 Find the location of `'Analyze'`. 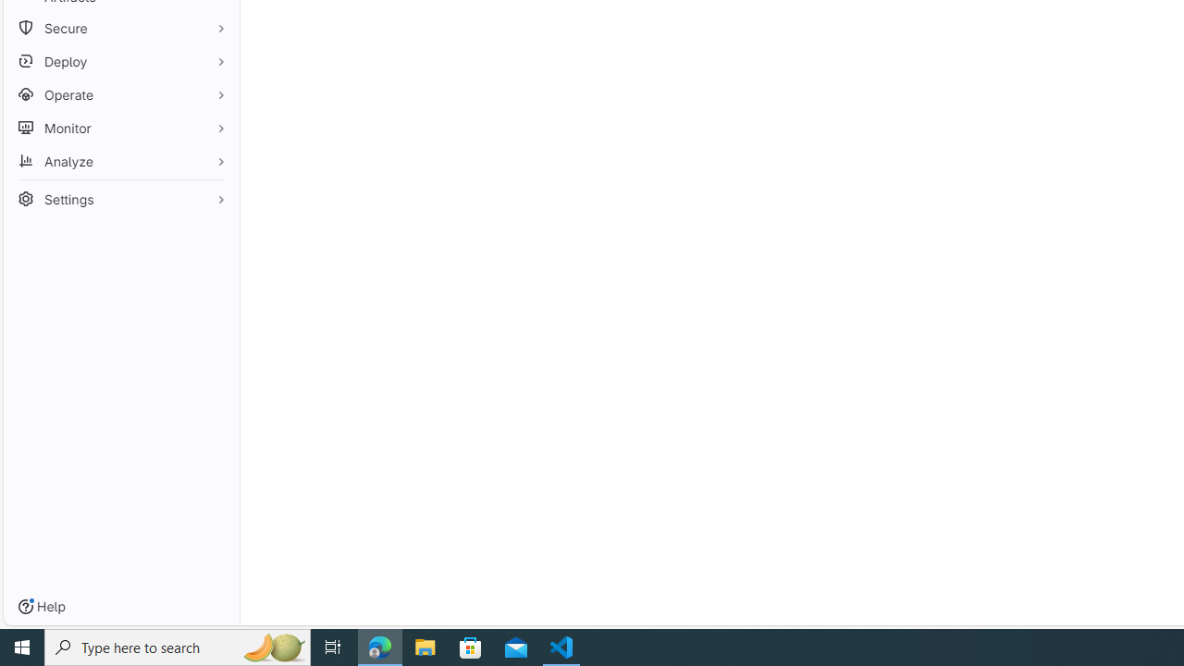

'Analyze' is located at coordinates (120, 160).